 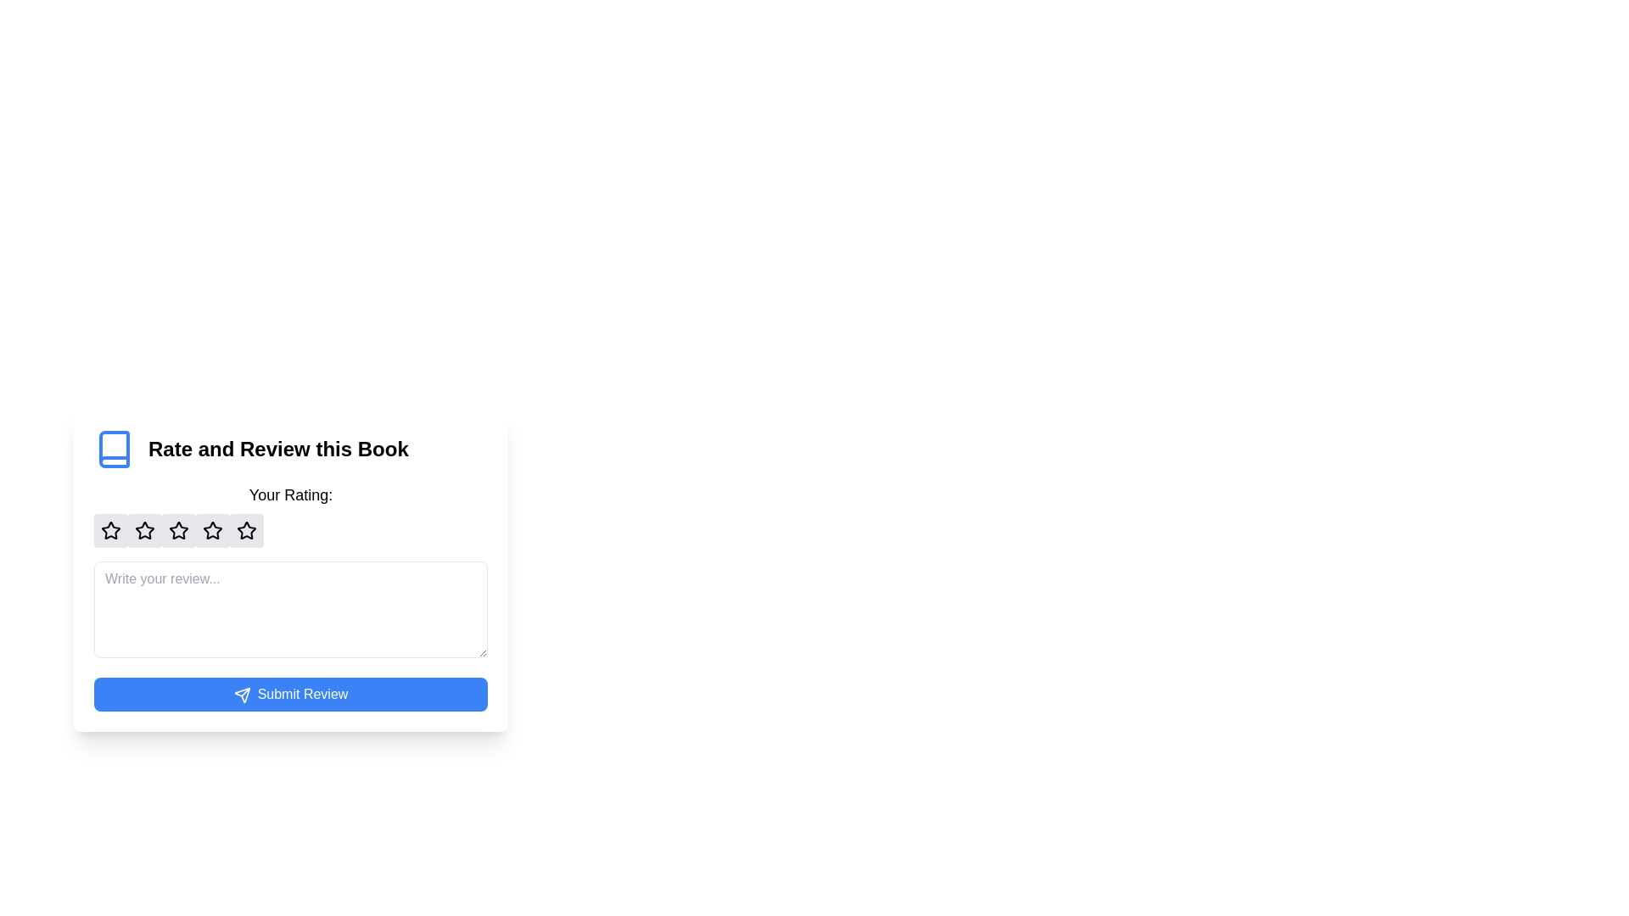 I want to click on the star icon within the fifth rounded square button in a row of six identical star buttons, so click(x=211, y=529).